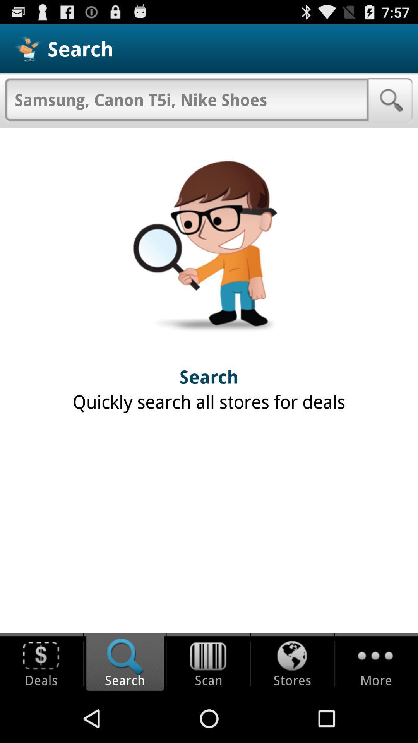  What do you see at coordinates (187, 99) in the screenshot?
I see `item below search item` at bounding box center [187, 99].